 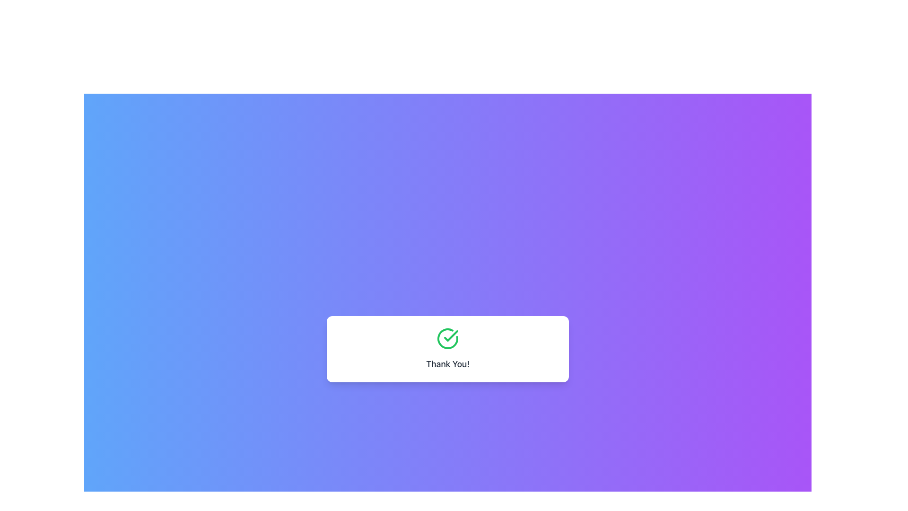 What do you see at coordinates (447, 338) in the screenshot?
I see `the success indicator icon located in the white rectangular section with rounded corners, which contains a green checkmark and 'Thank You!' text` at bounding box center [447, 338].